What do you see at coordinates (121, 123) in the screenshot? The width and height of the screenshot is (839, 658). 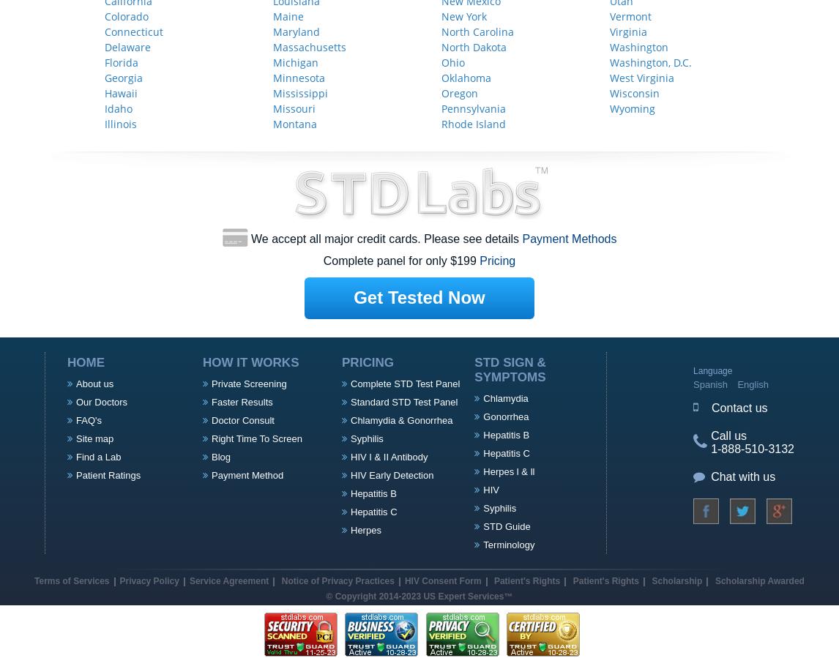 I see `'Illinois'` at bounding box center [121, 123].